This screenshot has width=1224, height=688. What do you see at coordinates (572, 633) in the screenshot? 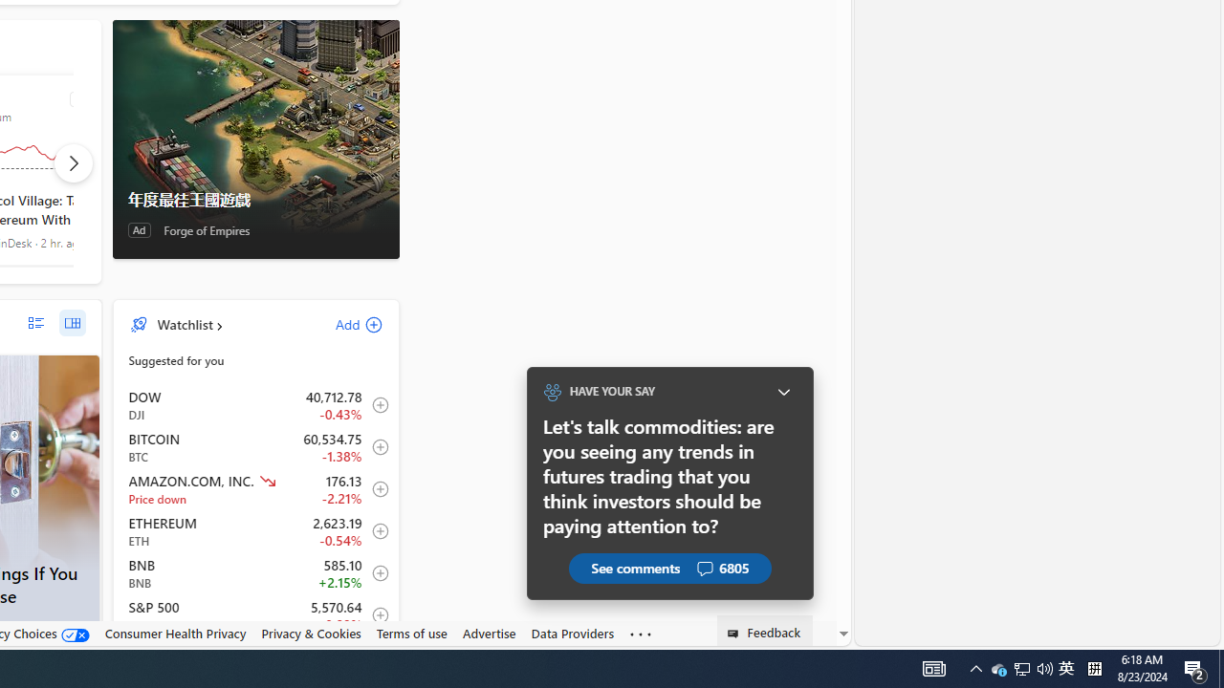
I see `'Data Providers'` at bounding box center [572, 633].